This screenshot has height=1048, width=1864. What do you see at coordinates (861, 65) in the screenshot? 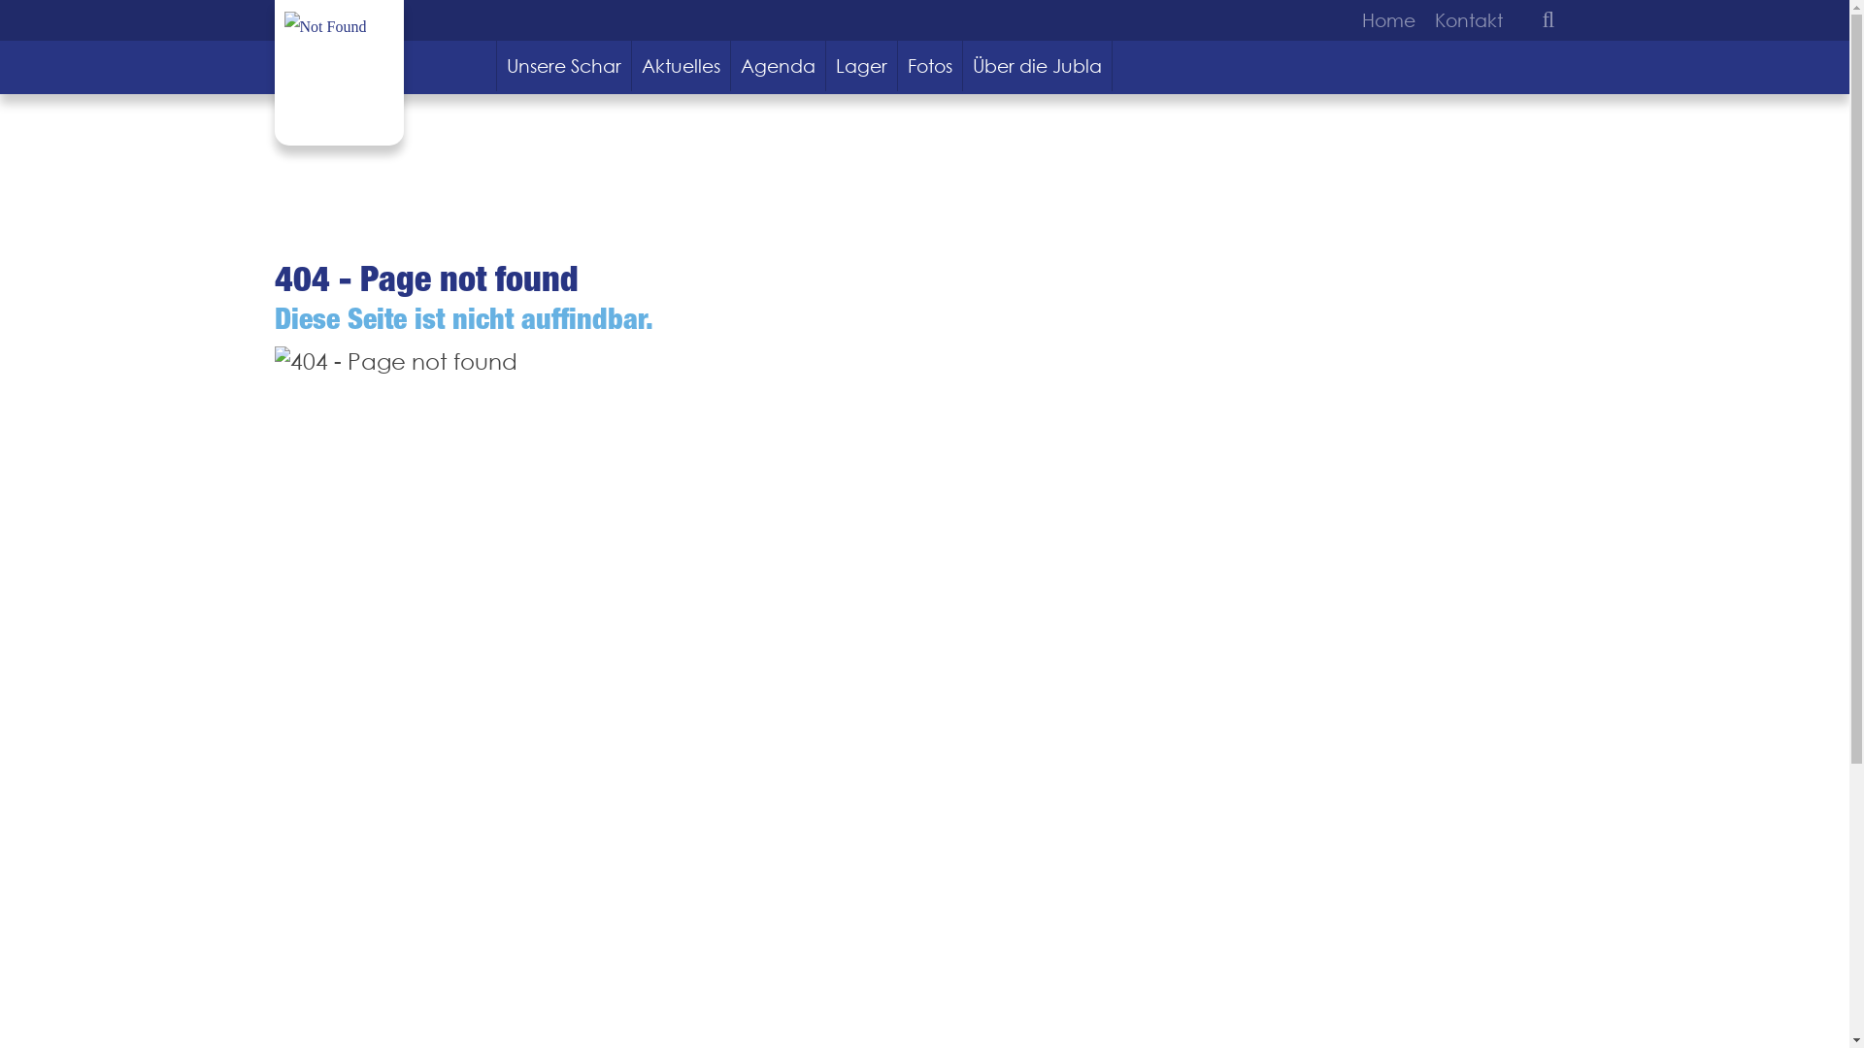
I see `'Lager'` at bounding box center [861, 65].